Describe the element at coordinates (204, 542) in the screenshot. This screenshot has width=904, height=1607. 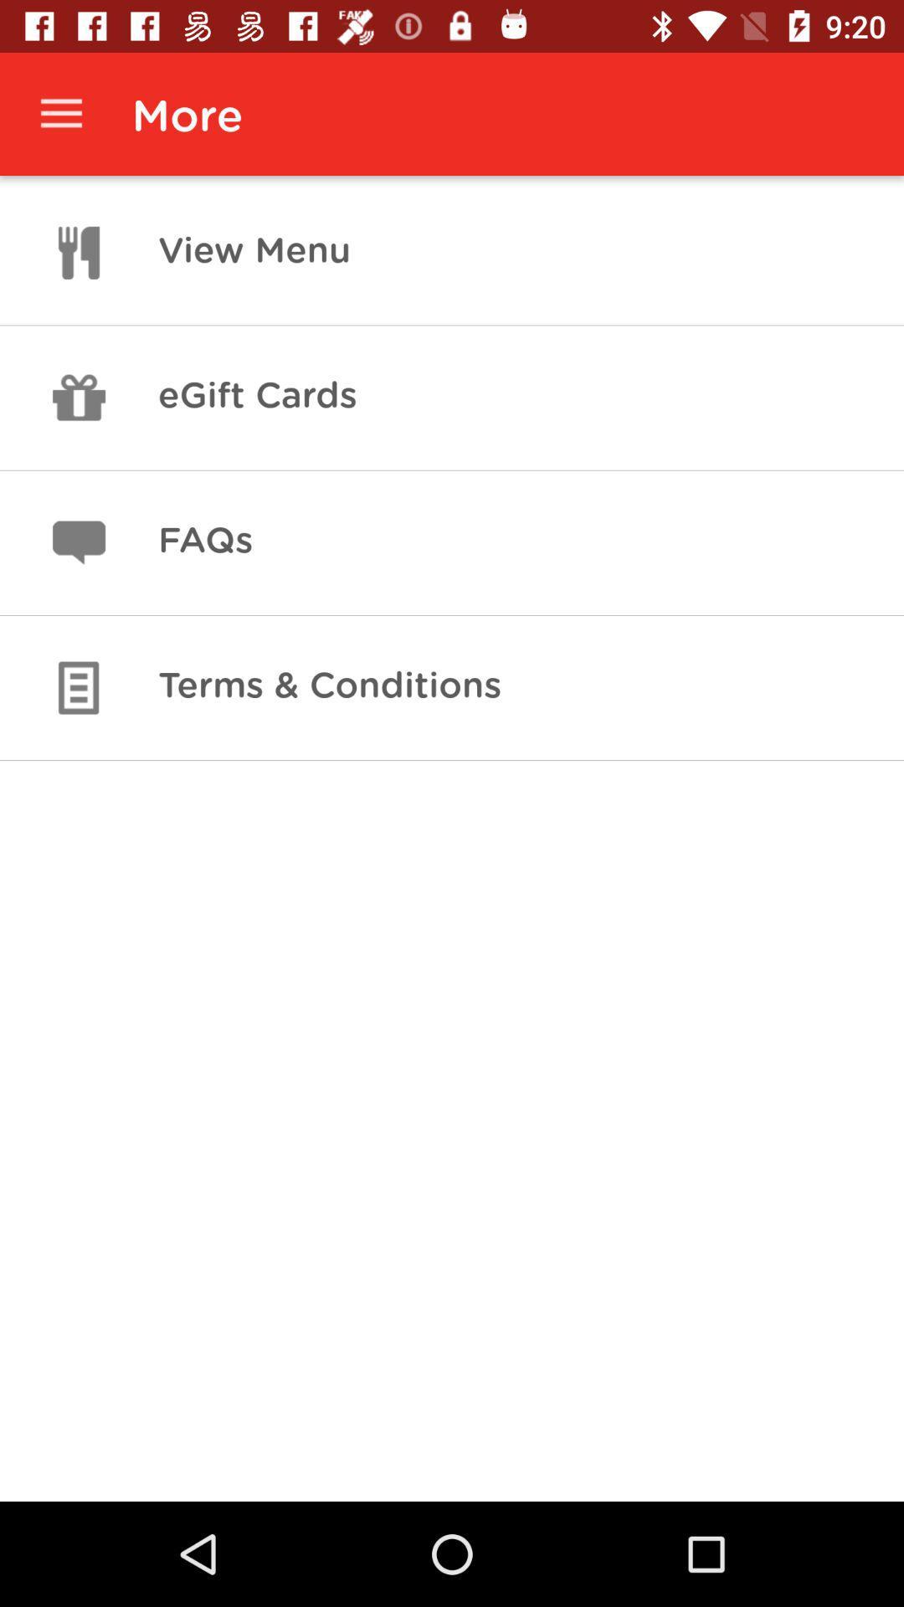
I see `faqs` at that location.